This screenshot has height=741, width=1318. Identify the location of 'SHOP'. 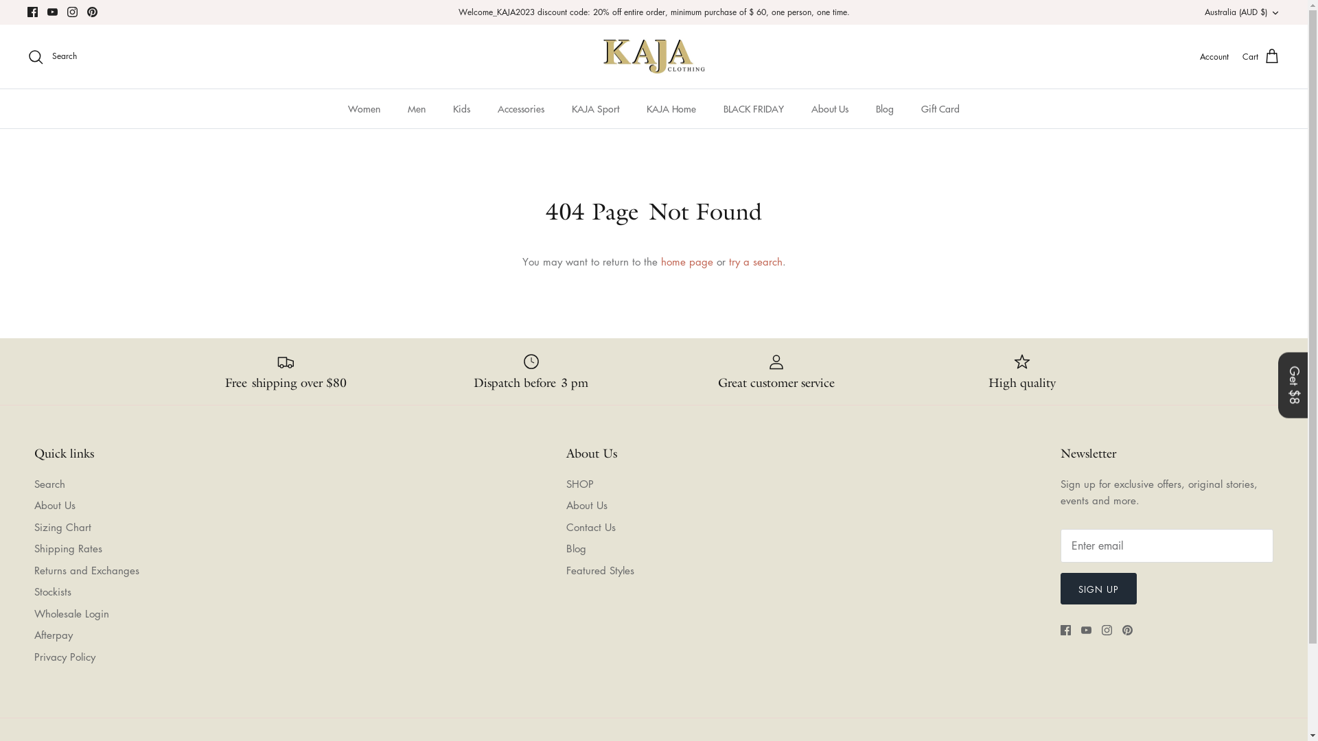
(579, 483).